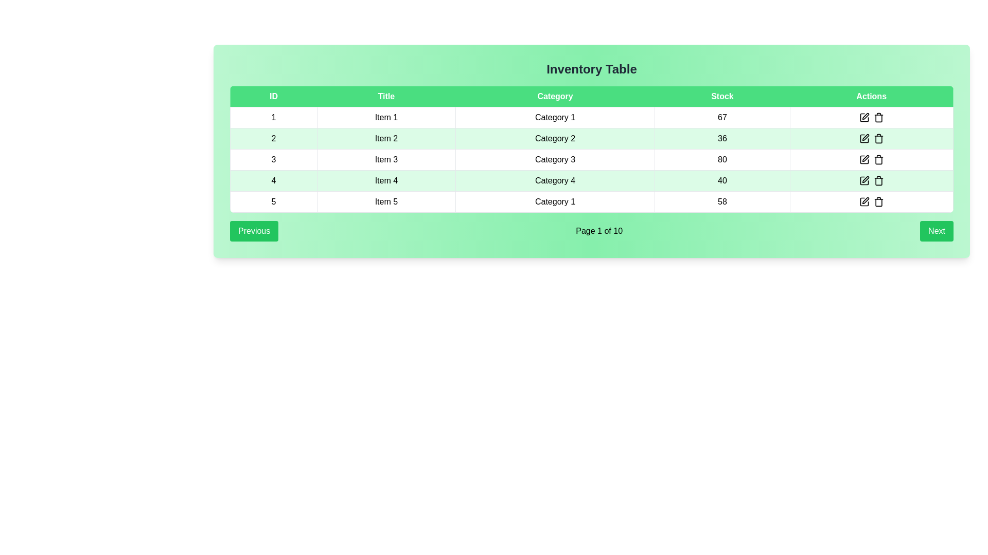 This screenshot has width=988, height=555. What do you see at coordinates (385, 139) in the screenshot?
I see `the text cell displaying the title of an item` at bounding box center [385, 139].